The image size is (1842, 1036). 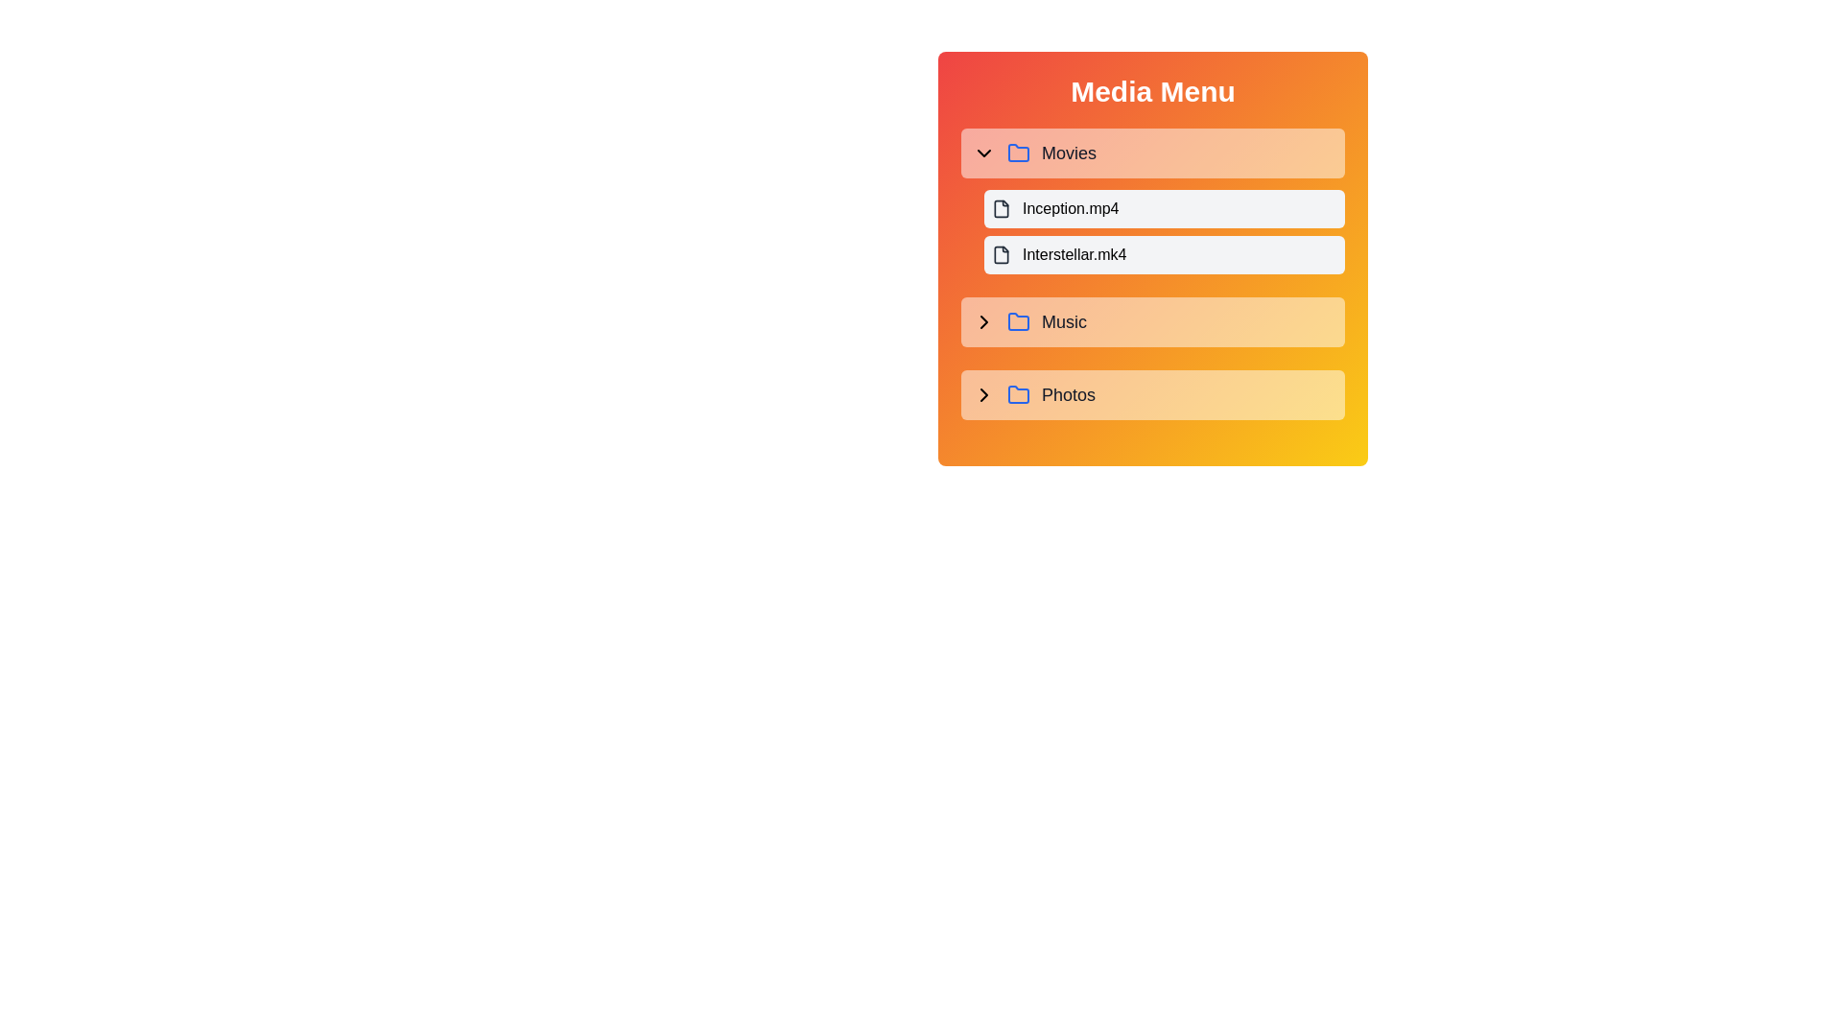 I want to click on the stylized folder icon with a blue outline and light orange background, which is located to the left of the 'Music' label in the media menu, so click(x=1017, y=320).